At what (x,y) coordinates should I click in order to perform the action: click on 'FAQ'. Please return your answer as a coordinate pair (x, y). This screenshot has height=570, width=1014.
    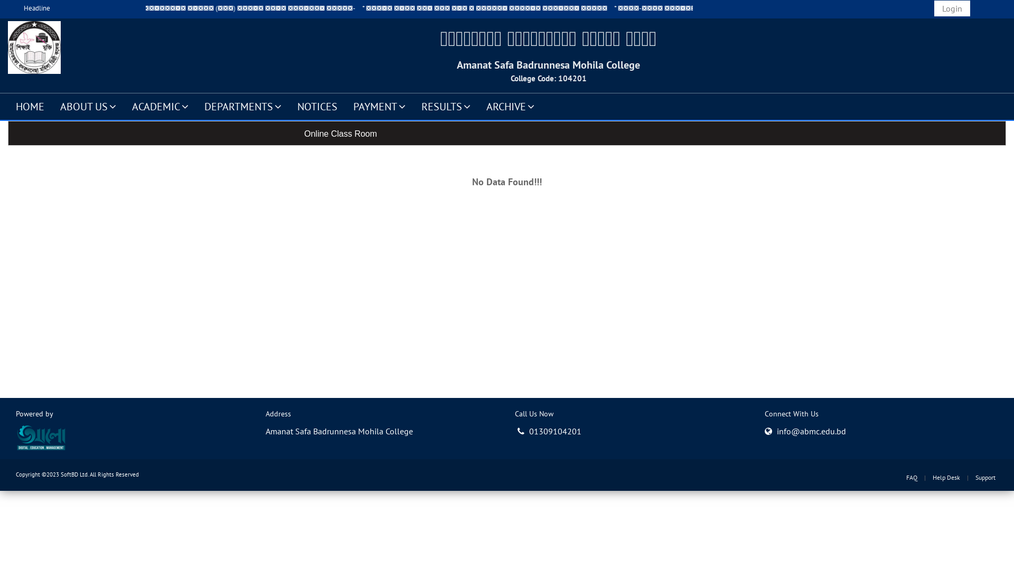
    Looking at the image, I should click on (911, 477).